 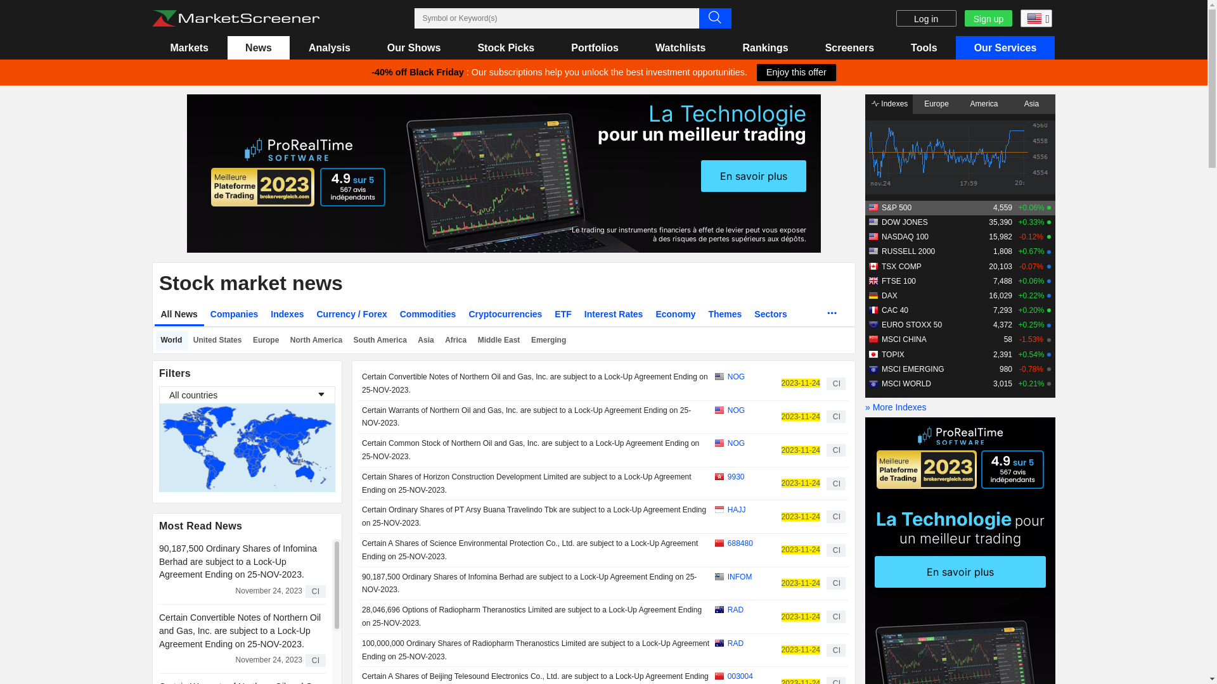 I want to click on 'United States', so click(x=188, y=339).